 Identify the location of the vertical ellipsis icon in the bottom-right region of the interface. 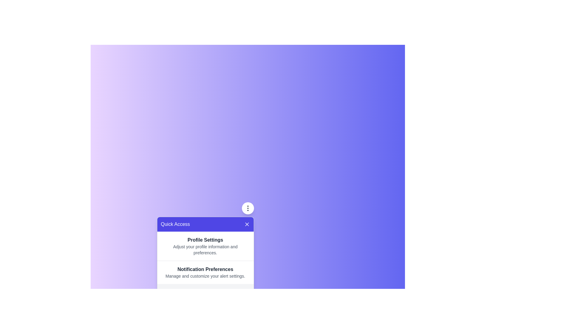
(248, 208).